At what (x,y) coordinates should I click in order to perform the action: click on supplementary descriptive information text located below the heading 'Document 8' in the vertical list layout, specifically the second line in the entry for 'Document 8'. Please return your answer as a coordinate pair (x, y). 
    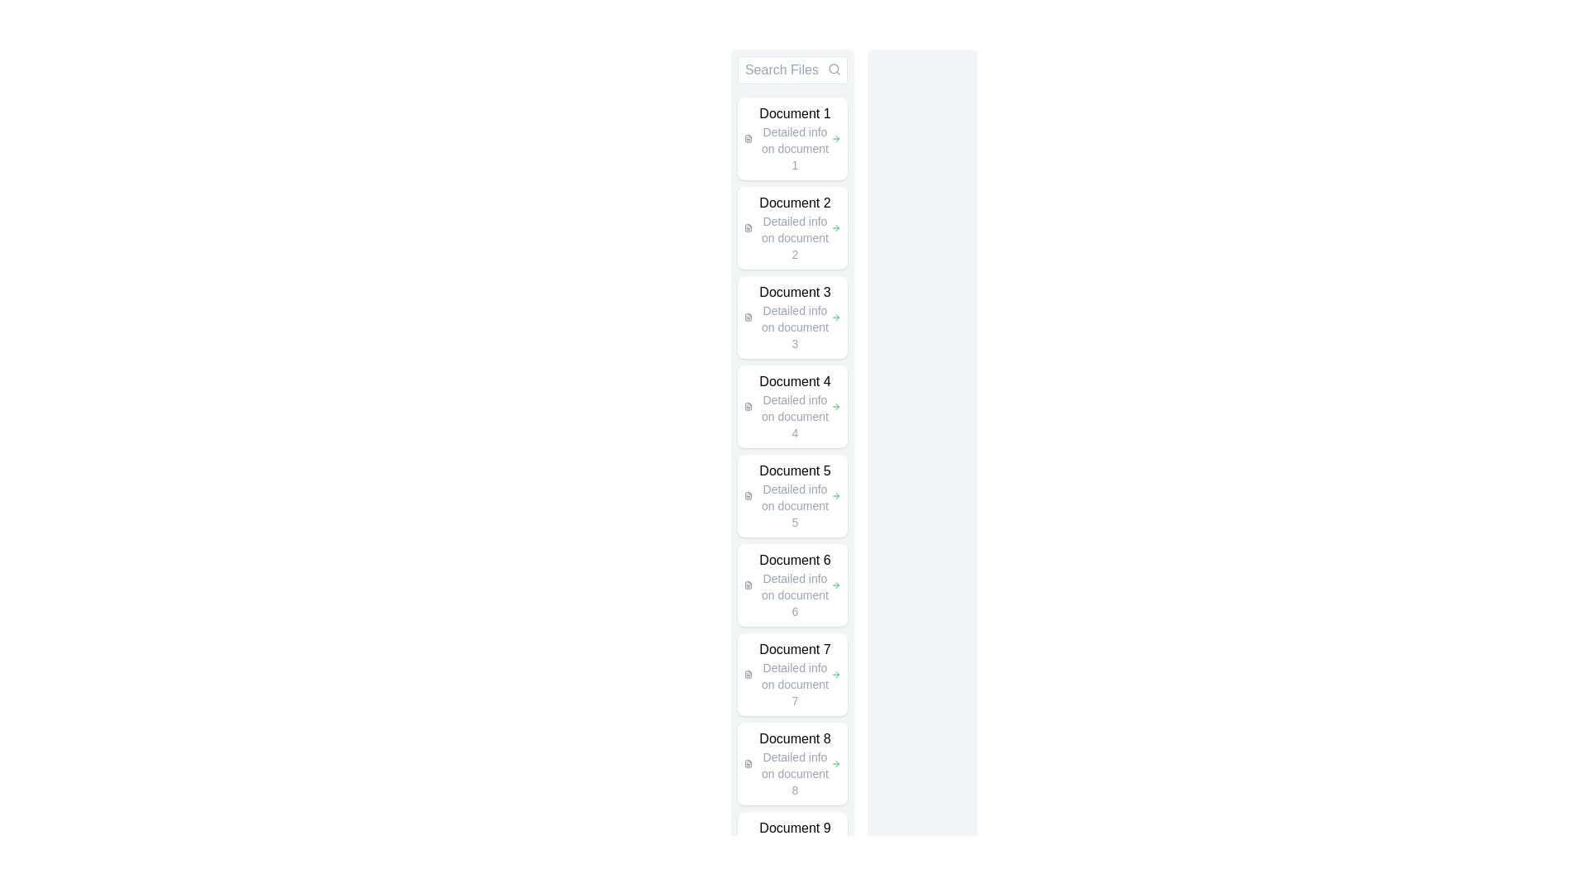
    Looking at the image, I should click on (795, 774).